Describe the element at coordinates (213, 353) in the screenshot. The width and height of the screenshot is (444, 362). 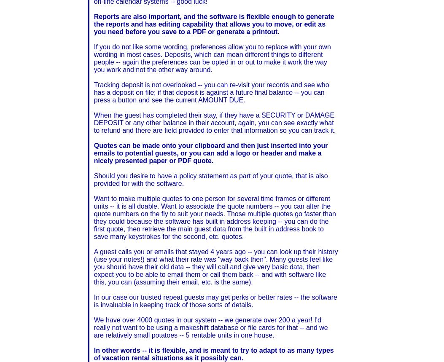
I see `'In other words -- it is flexible, and is meant to try to adapt to as many types of vacation rental situations as it possibly can.'` at that location.